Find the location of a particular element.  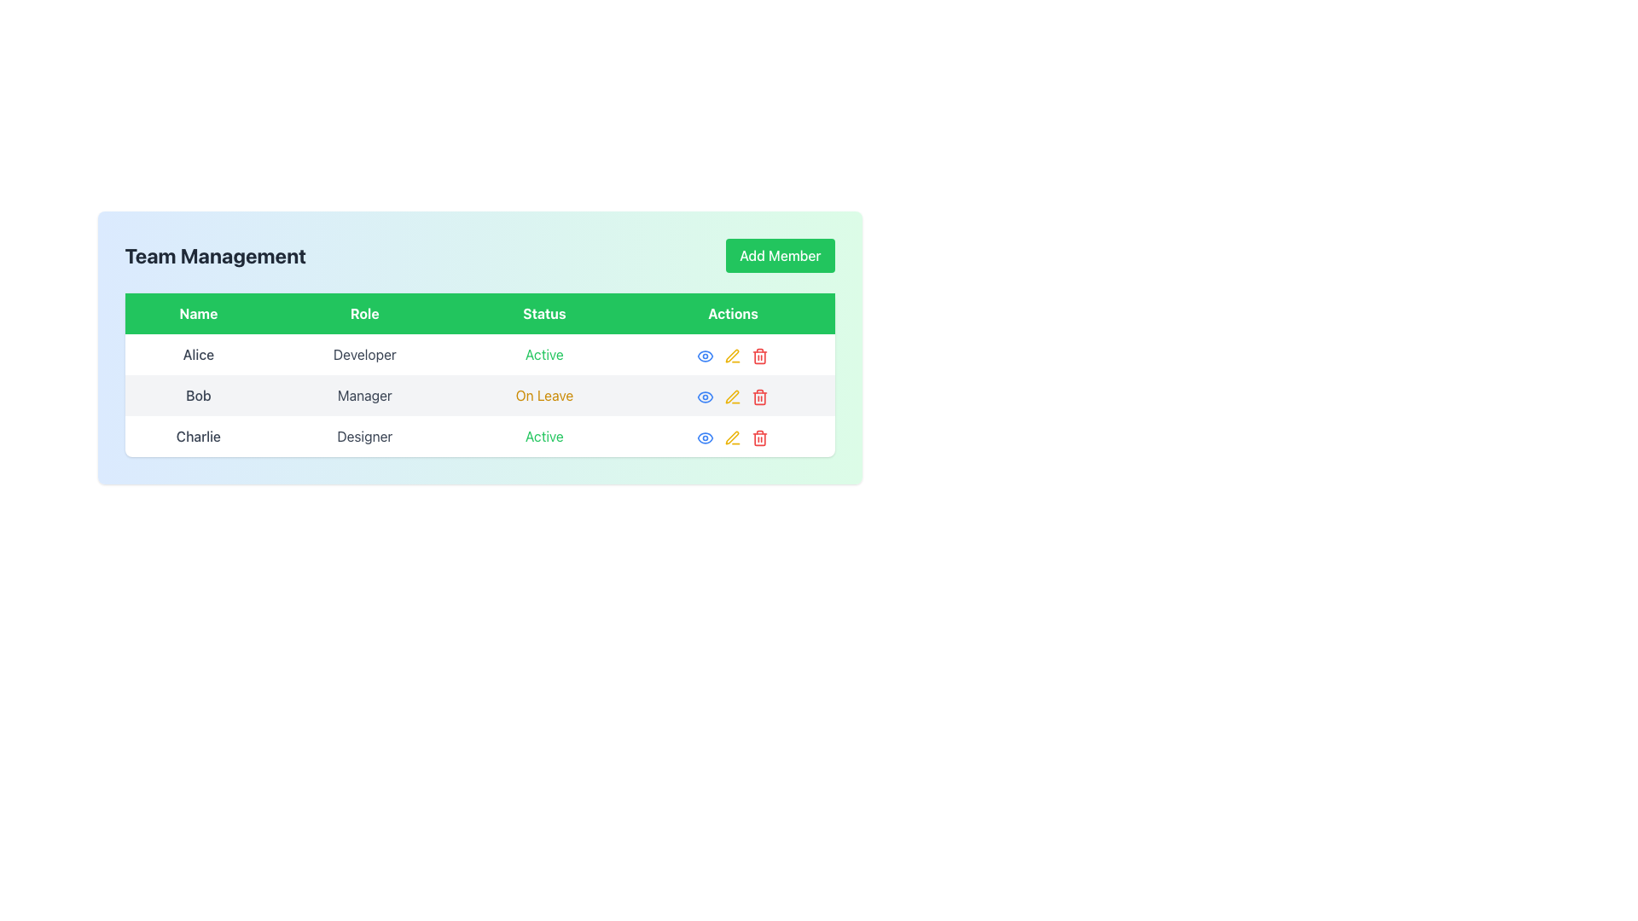

the Static Text element displaying 'Active' status for user 'Alice' in the 'Status' column is located at coordinates (543, 354).